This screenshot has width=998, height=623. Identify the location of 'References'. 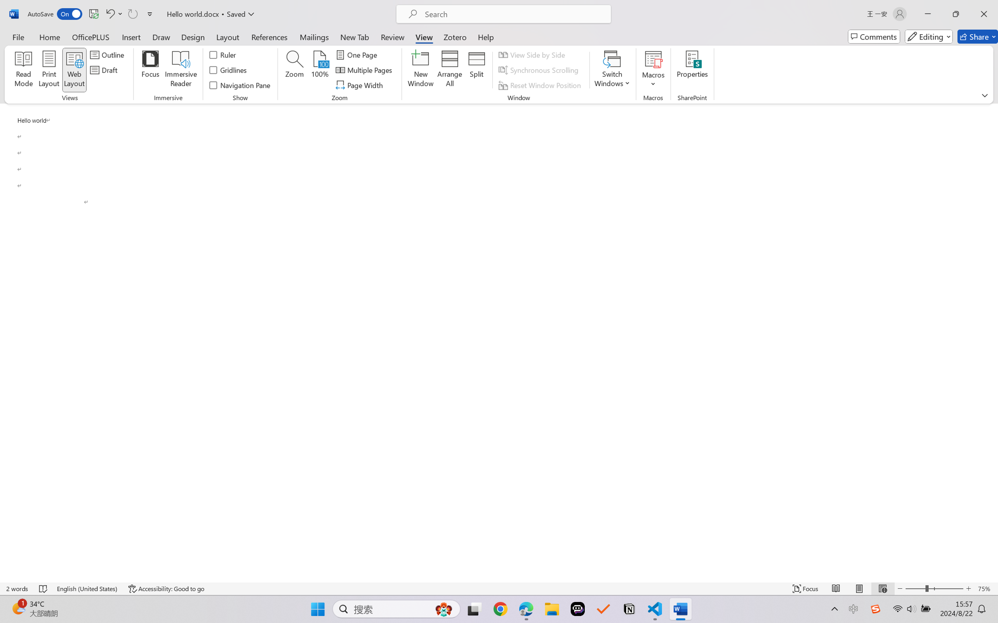
(269, 36).